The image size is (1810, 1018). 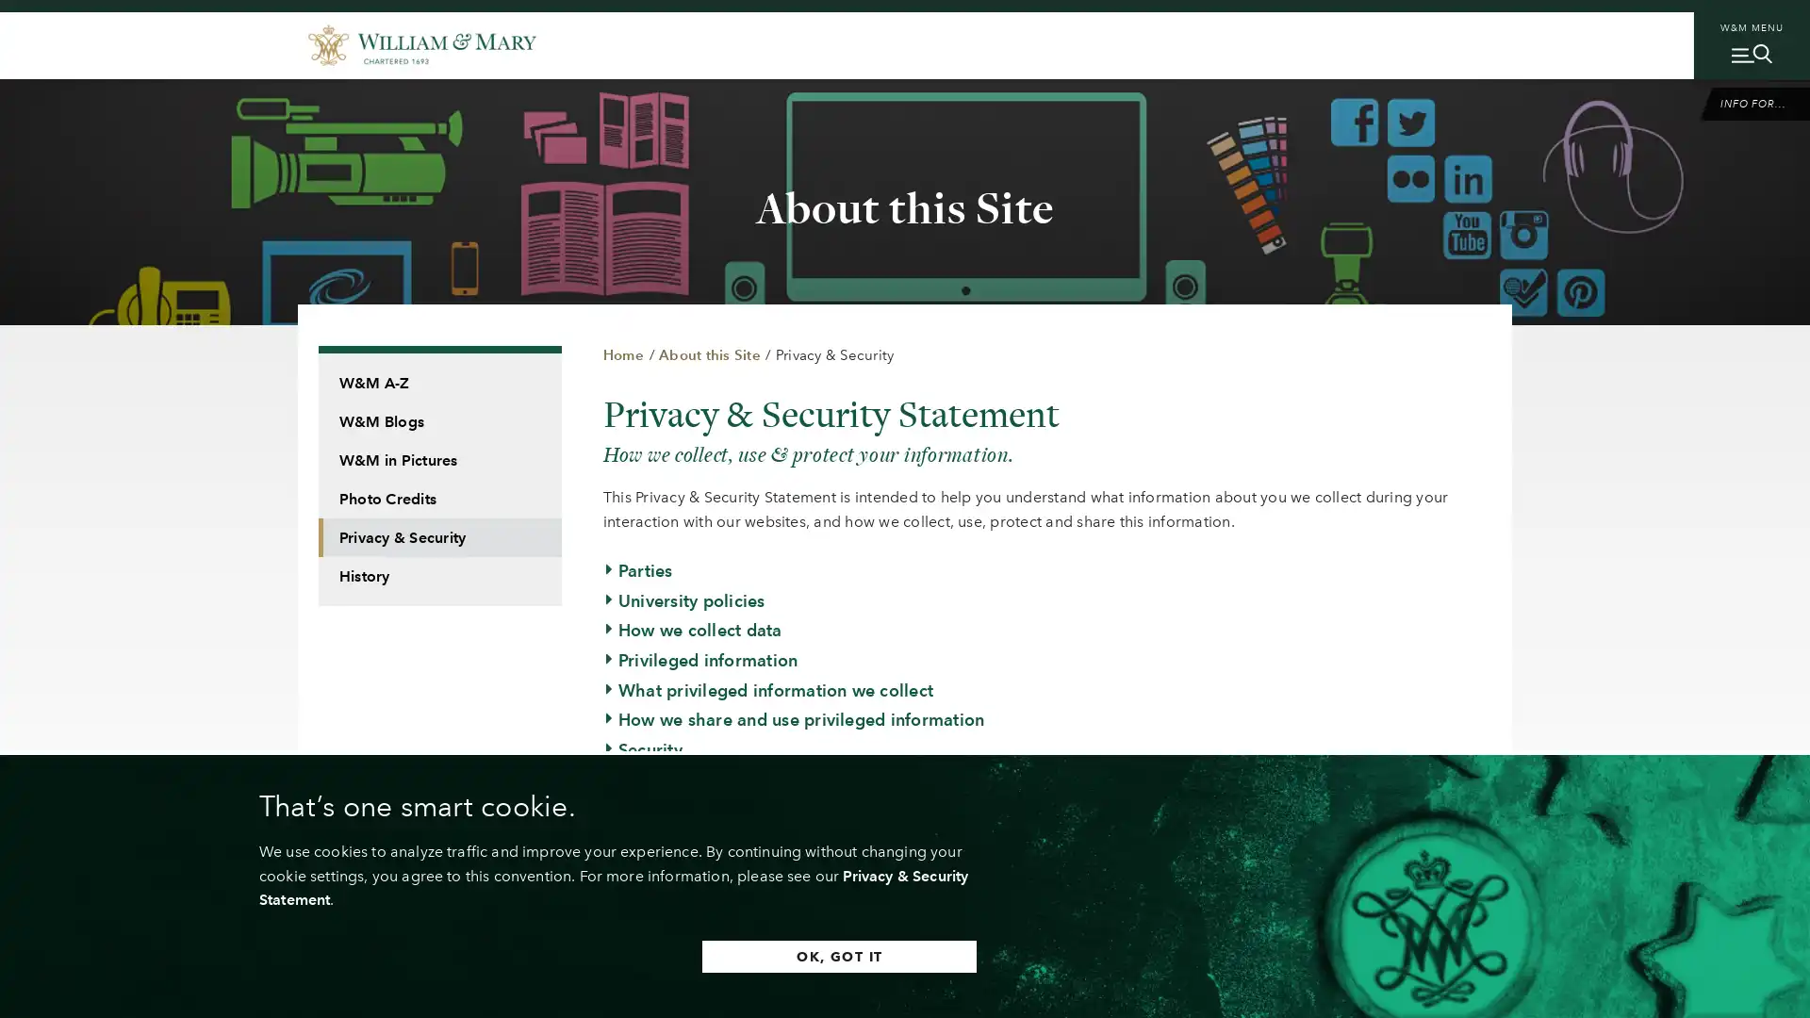 What do you see at coordinates (838, 956) in the screenshot?
I see `OK, GOT IT` at bounding box center [838, 956].